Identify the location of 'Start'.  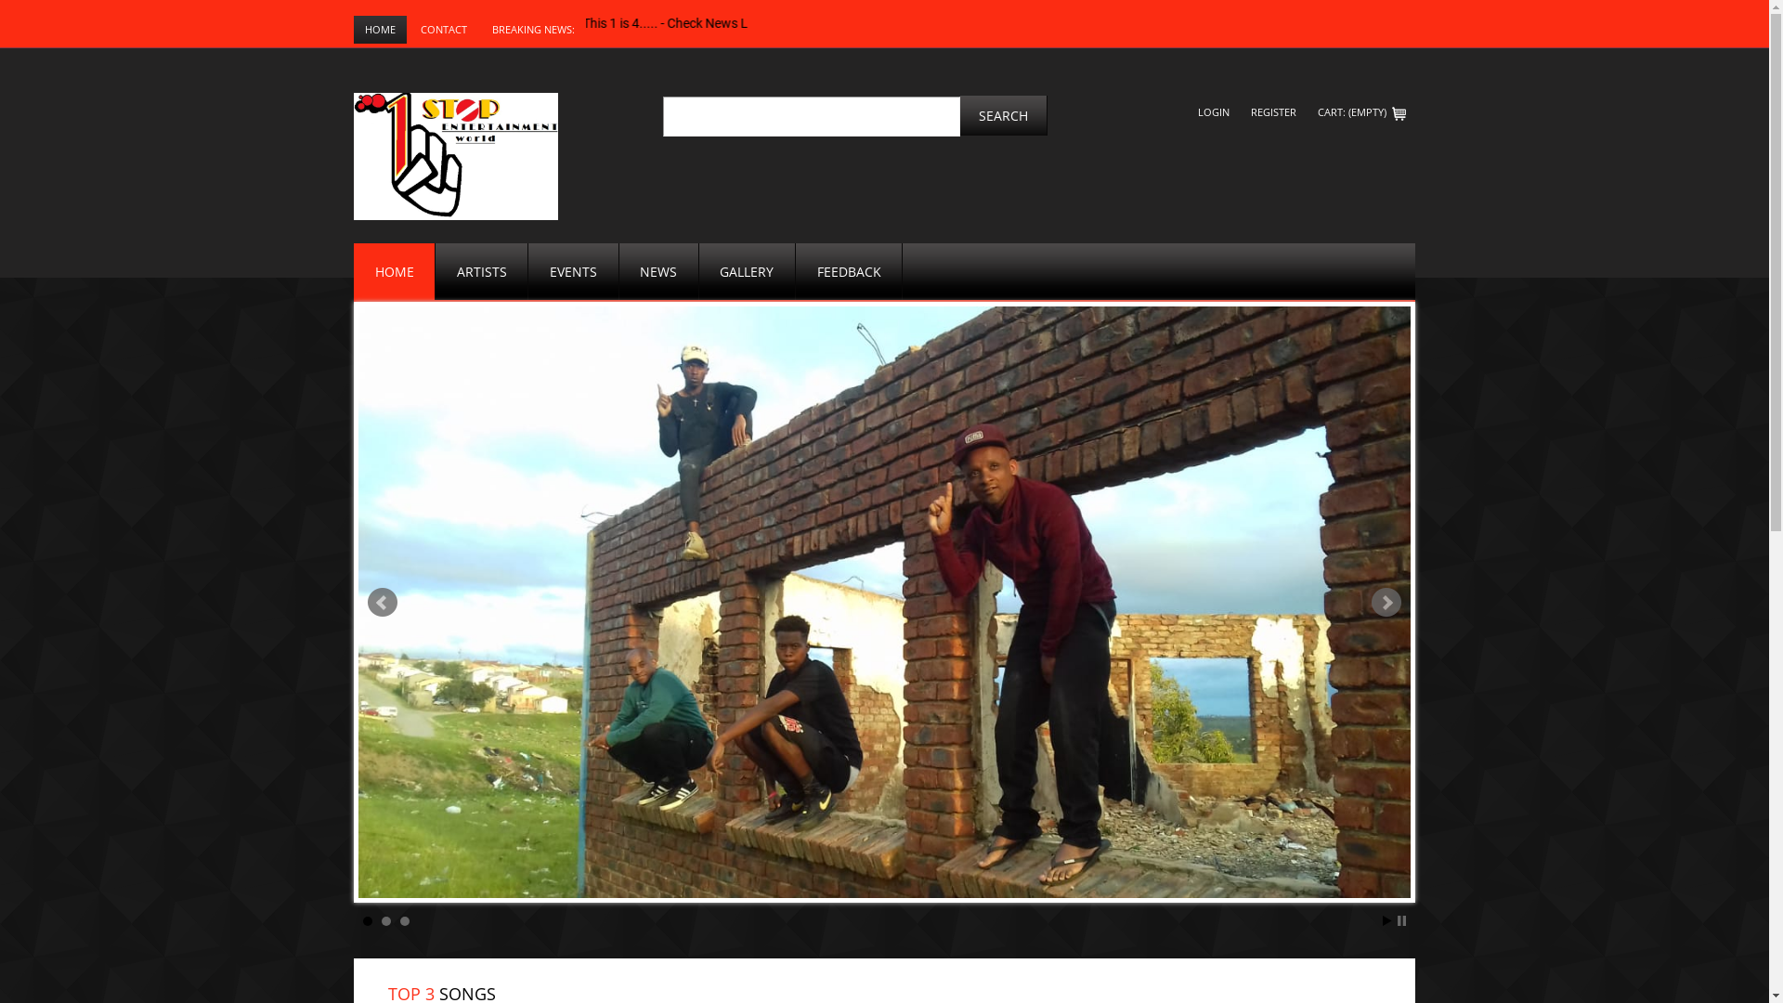
(1386, 920).